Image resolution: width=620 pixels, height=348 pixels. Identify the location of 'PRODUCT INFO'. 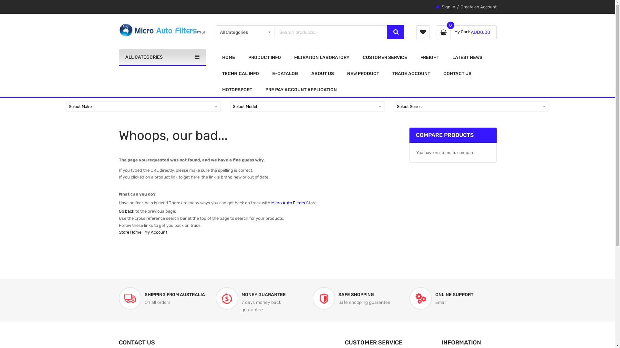
(264, 57).